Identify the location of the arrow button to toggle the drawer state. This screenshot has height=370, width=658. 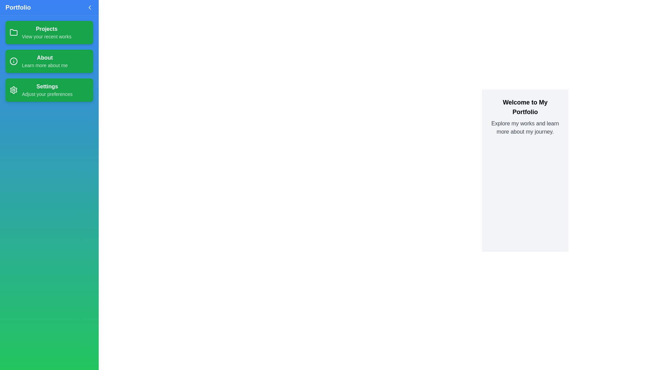
(89, 8).